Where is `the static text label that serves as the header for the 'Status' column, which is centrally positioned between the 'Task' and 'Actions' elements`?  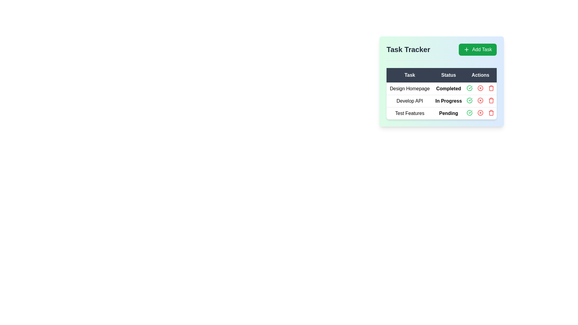 the static text label that serves as the header for the 'Status' column, which is centrally positioned between the 'Task' and 'Actions' elements is located at coordinates (449, 75).